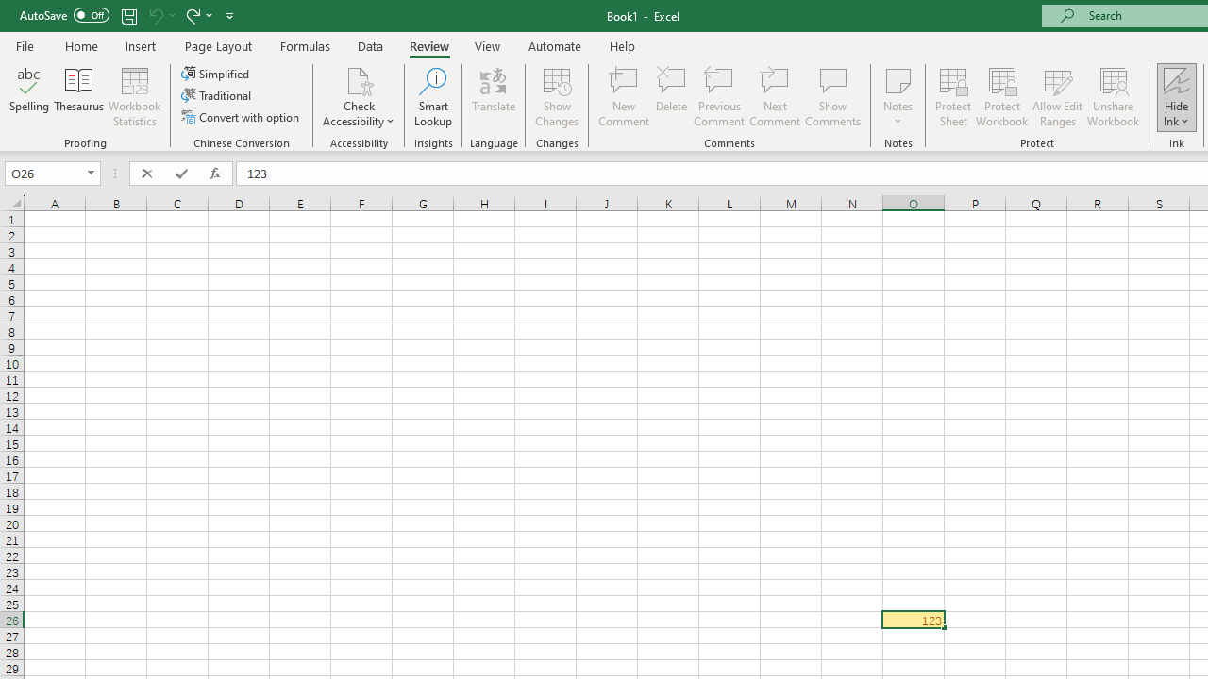 The width and height of the screenshot is (1208, 679). I want to click on 'Convert with option', so click(241, 117).